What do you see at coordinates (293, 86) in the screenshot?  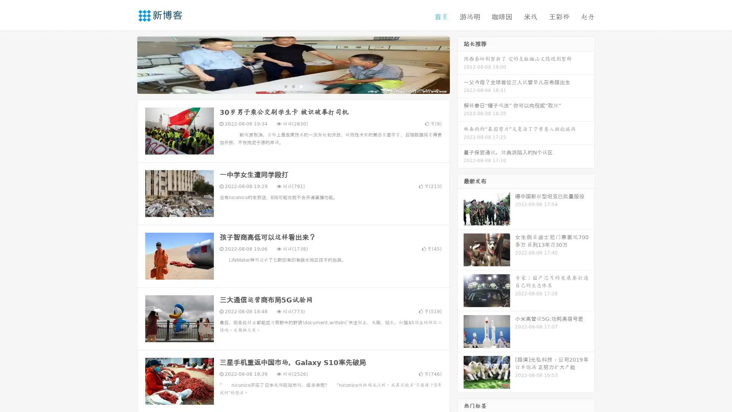 I see `Go to slide 2` at bounding box center [293, 86].